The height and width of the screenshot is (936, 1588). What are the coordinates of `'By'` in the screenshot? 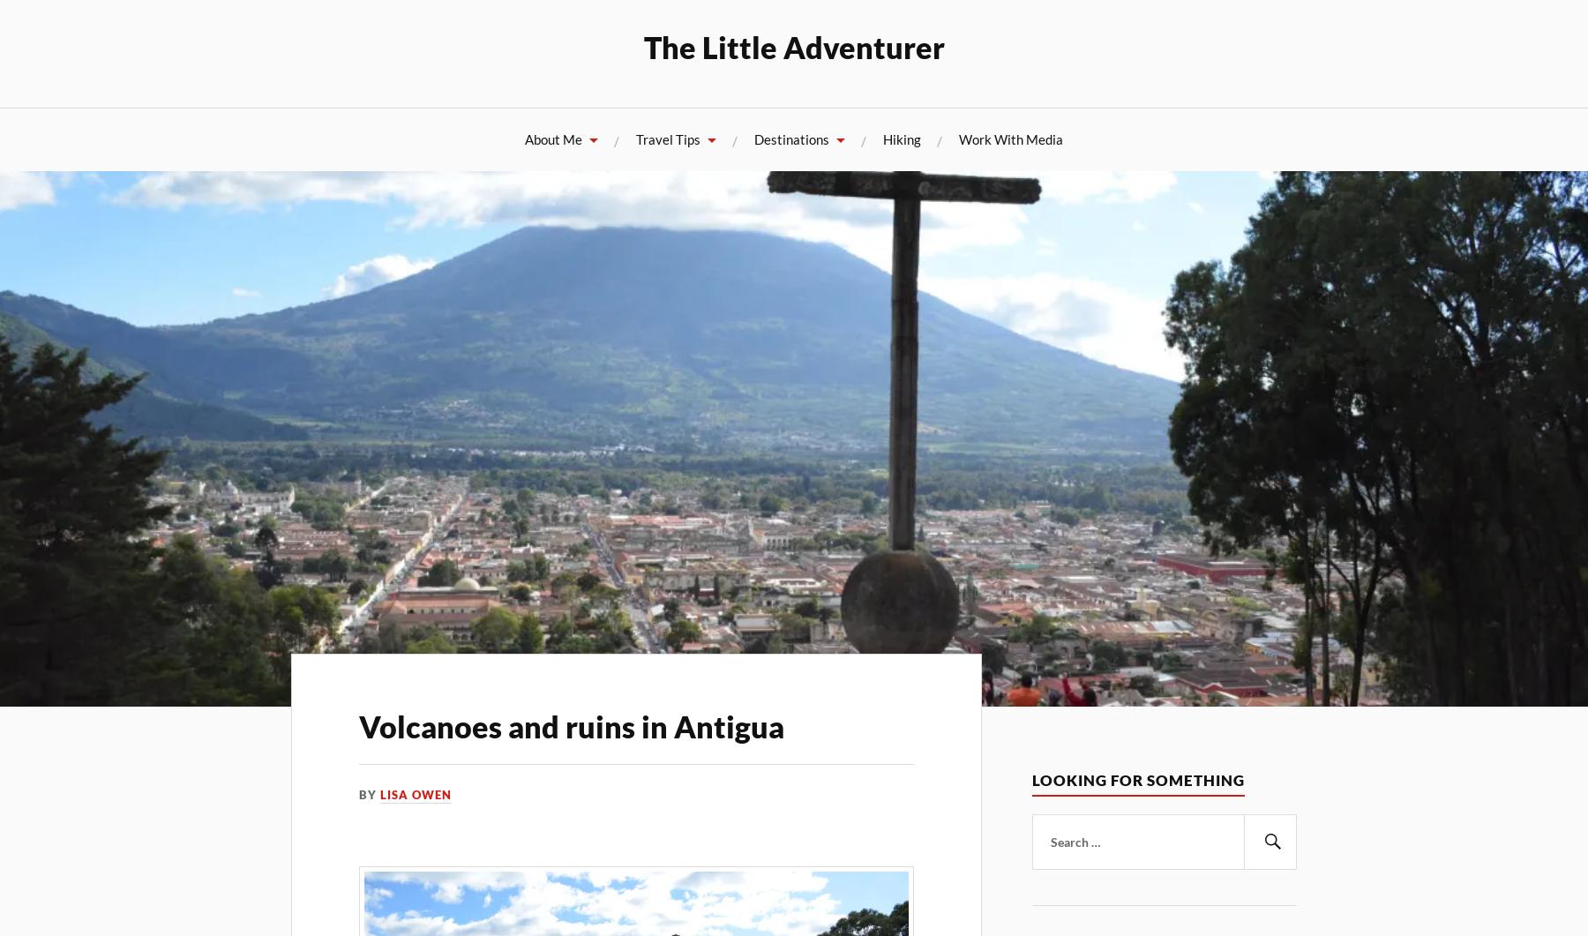 It's located at (370, 794).